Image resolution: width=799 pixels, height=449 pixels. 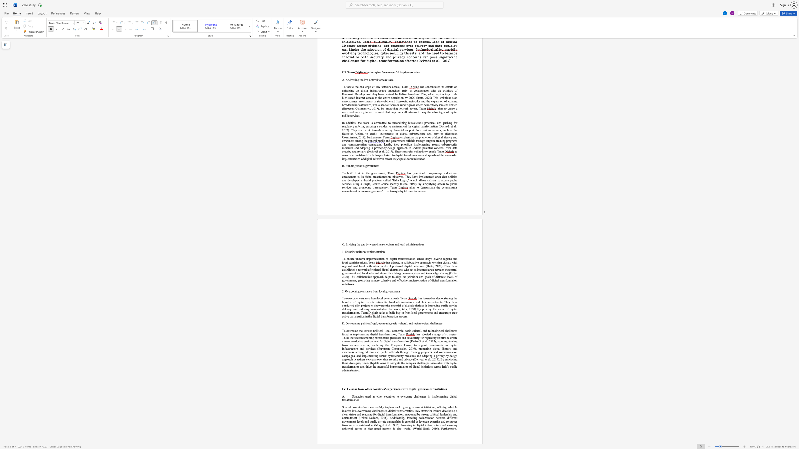 I want to click on the subset text "ing uniform" within the text "1. Ensuring uniform implementation", so click(x=351, y=252).